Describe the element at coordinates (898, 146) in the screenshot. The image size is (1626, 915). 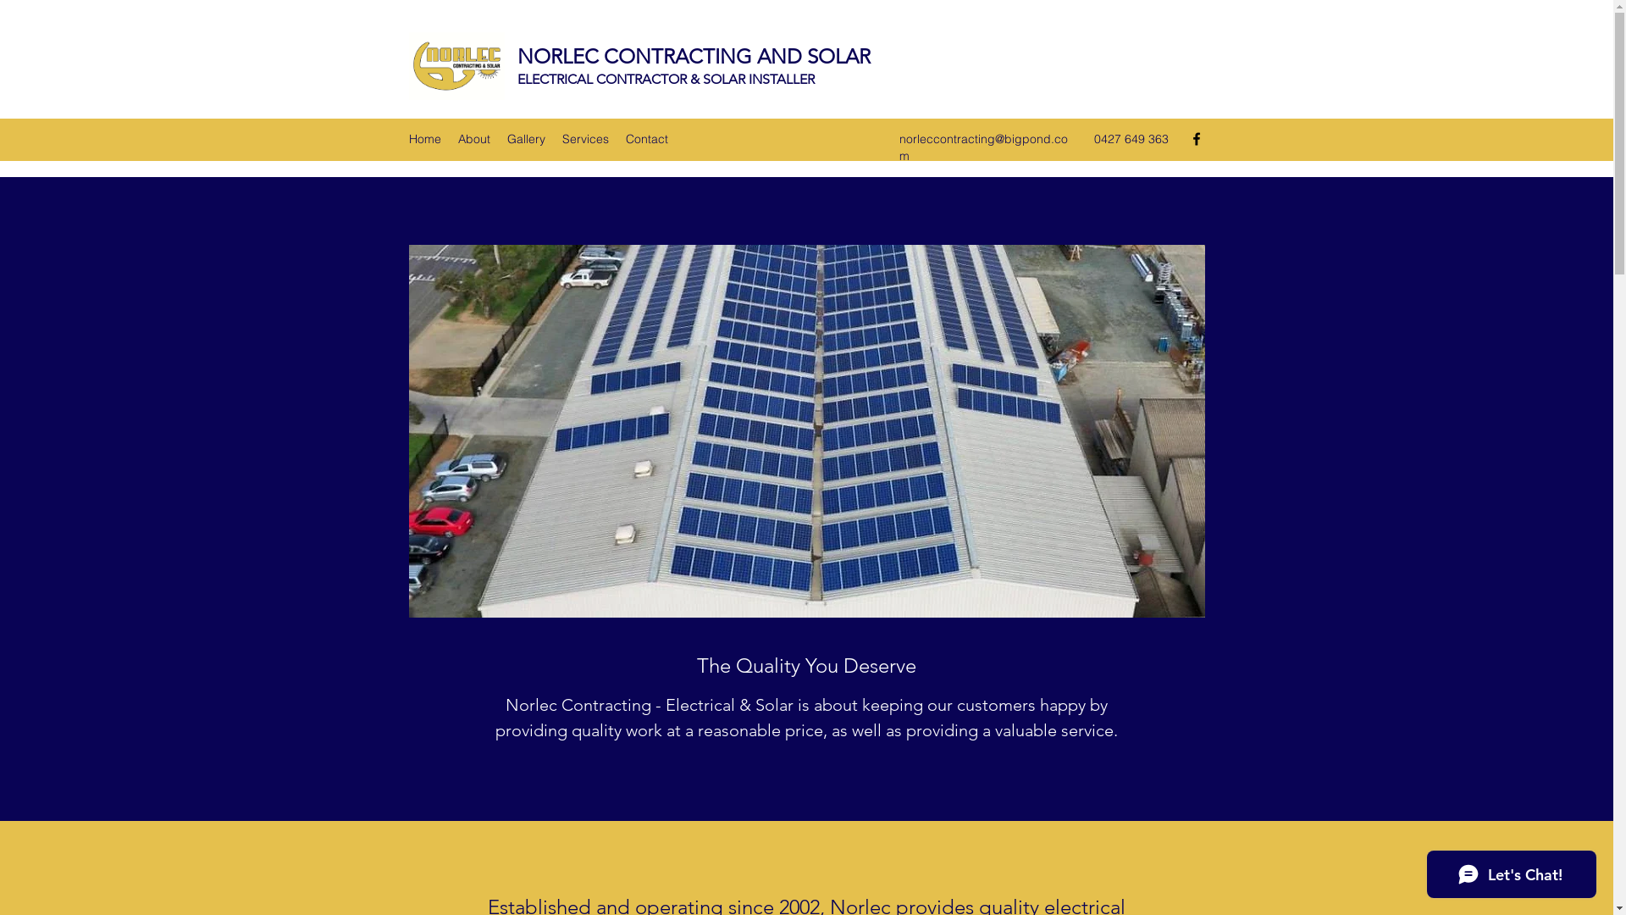
I see `'norleccontracting@bigpond.com'` at that location.